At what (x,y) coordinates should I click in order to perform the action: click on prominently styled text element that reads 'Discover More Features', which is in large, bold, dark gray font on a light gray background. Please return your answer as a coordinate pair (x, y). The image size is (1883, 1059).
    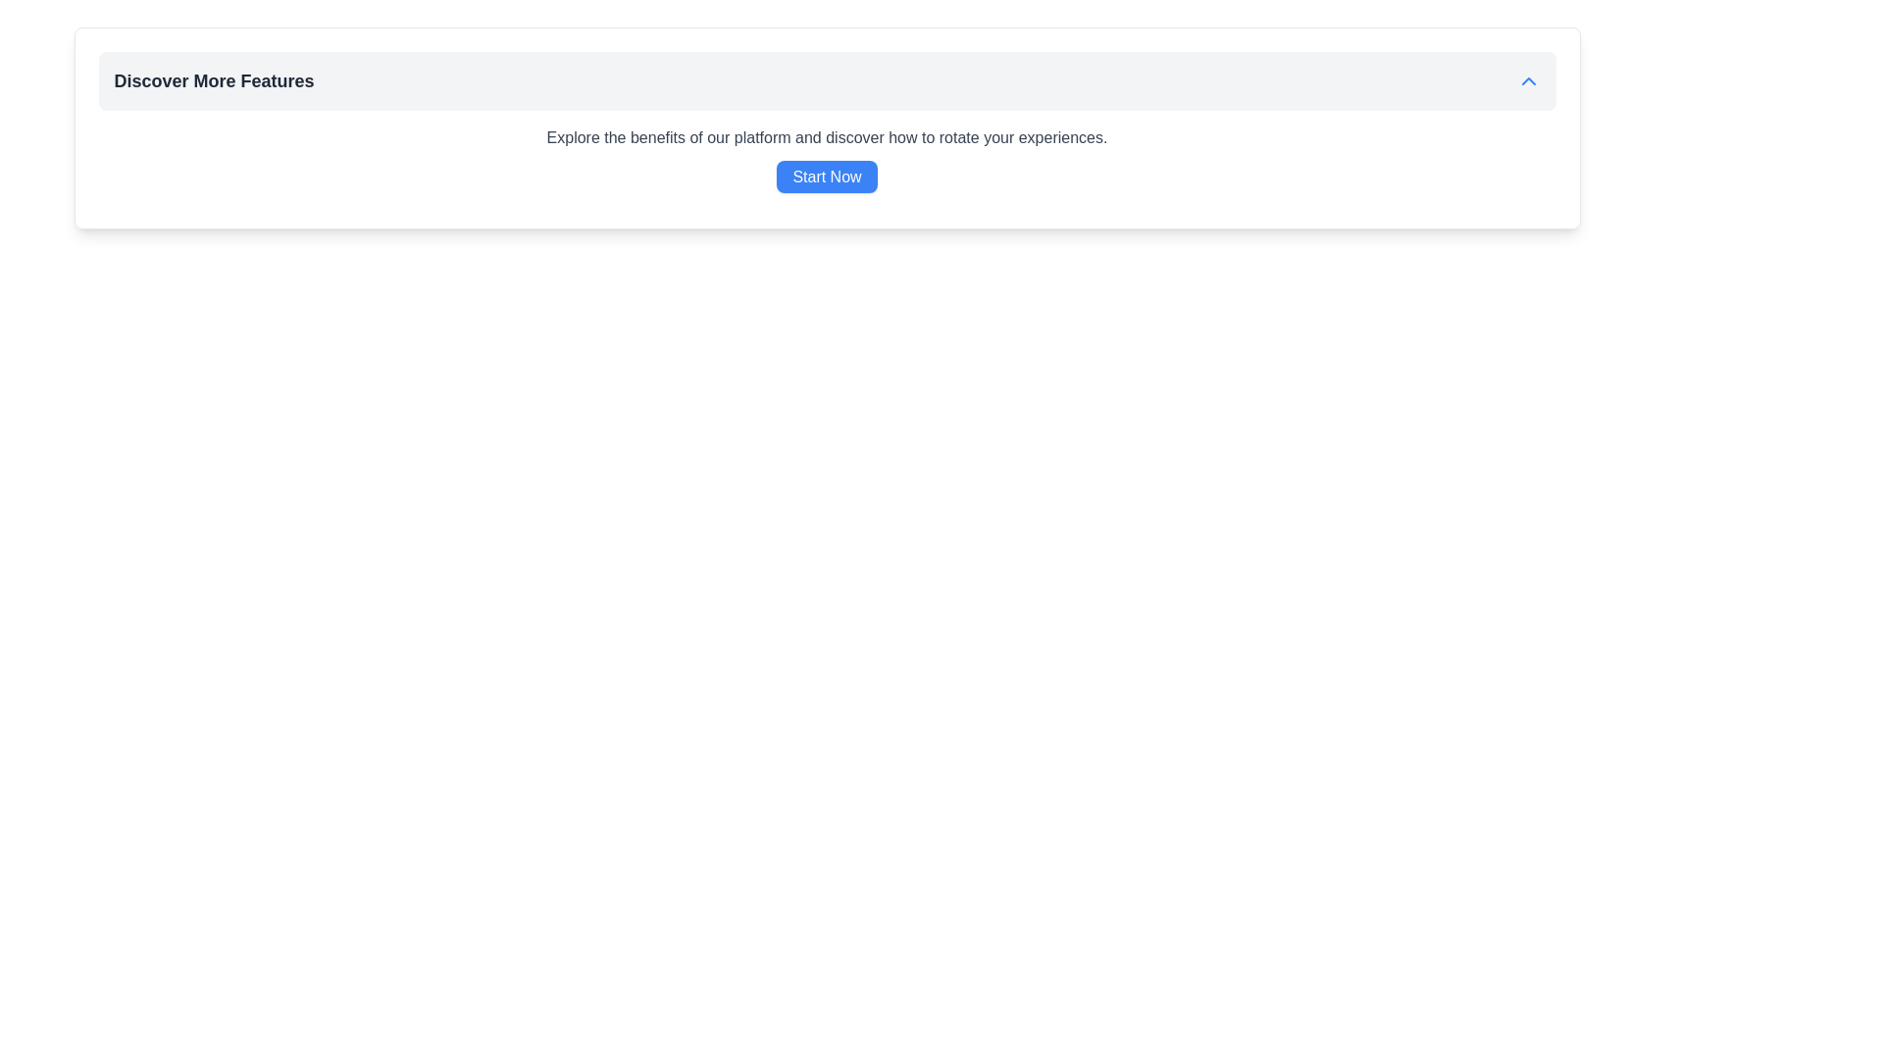
    Looking at the image, I should click on (214, 80).